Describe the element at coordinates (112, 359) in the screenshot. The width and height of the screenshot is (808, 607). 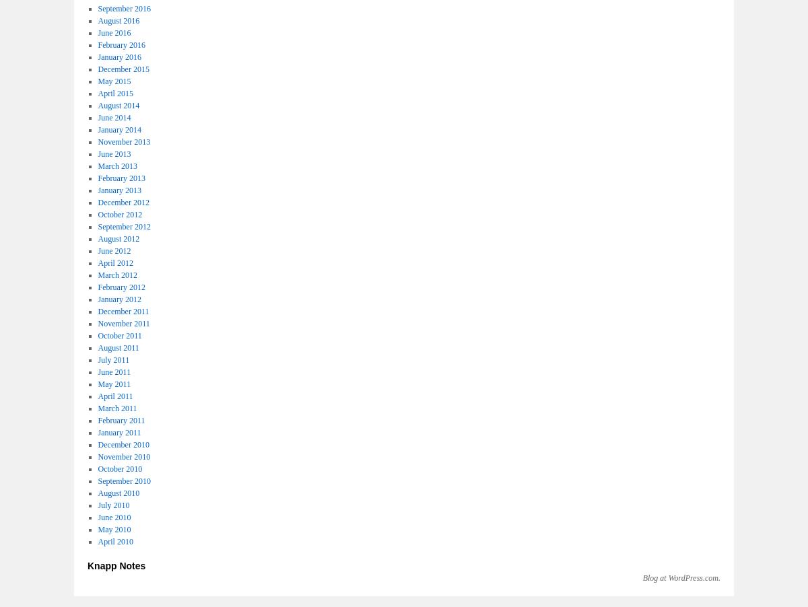
I see `'July 2011'` at that location.